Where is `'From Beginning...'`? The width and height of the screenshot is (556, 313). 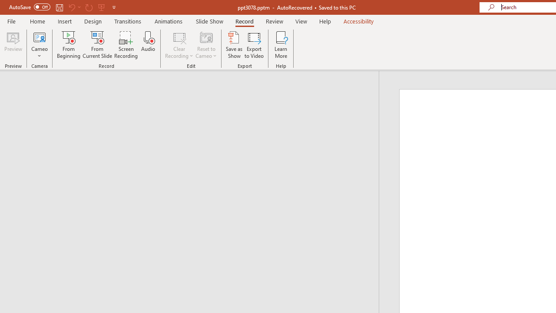 'From Beginning...' is located at coordinates (68, 45).